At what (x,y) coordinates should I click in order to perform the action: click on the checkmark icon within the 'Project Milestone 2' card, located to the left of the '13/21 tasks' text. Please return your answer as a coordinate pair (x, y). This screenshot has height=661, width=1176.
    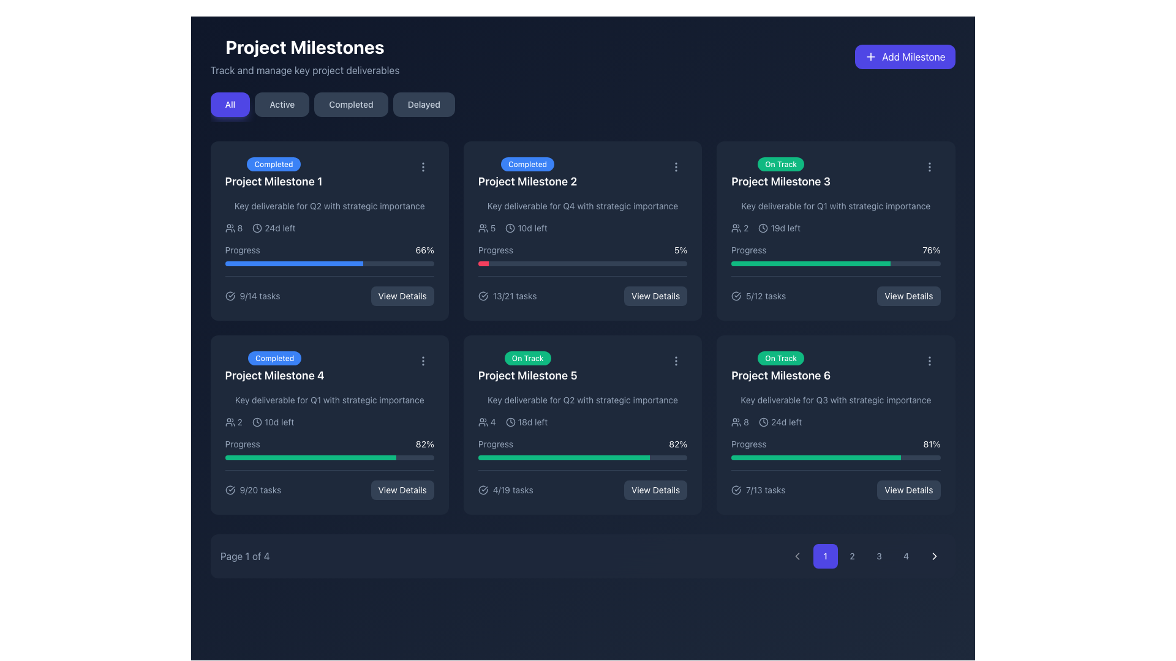
    Looking at the image, I should click on (482, 296).